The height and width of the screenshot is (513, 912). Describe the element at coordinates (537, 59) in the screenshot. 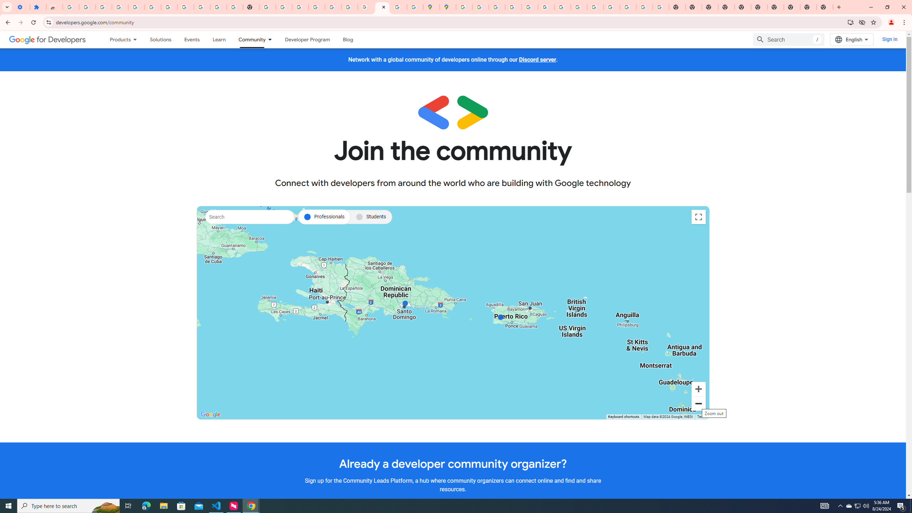

I see `'Discord server'` at that location.